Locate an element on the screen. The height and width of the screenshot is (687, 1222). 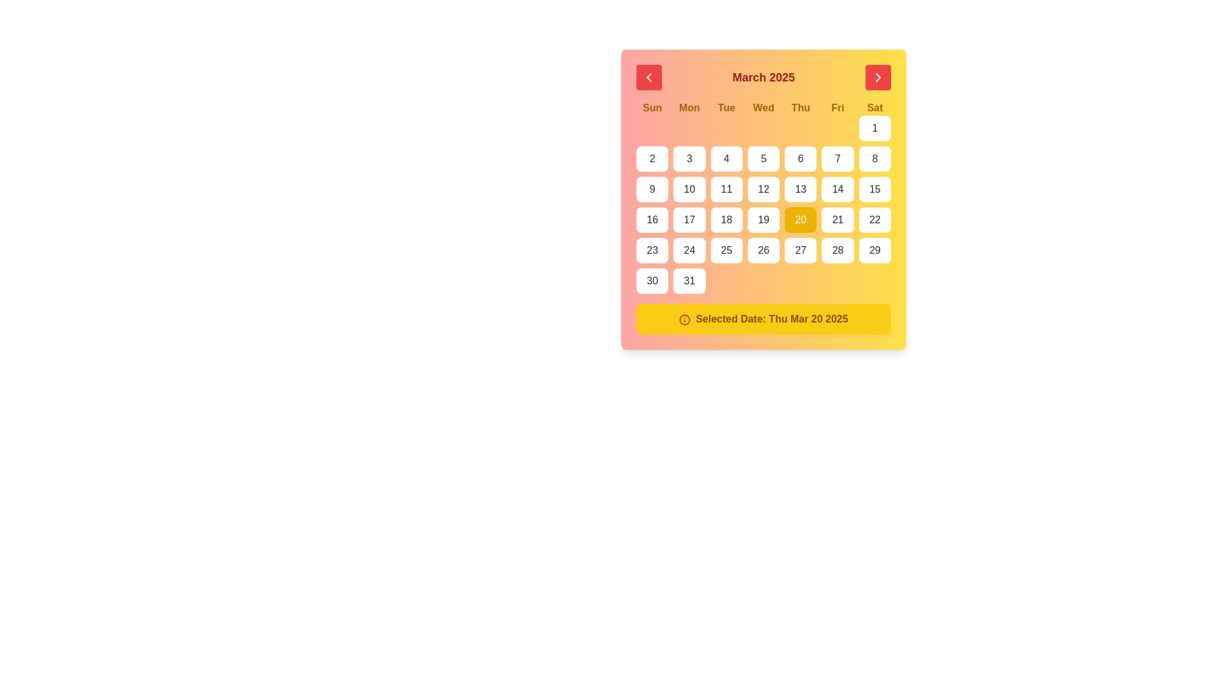
the fourth button in the second row of the calendar widget, which has a white background and displays the number '10' in bold gray text is located at coordinates (689, 189).